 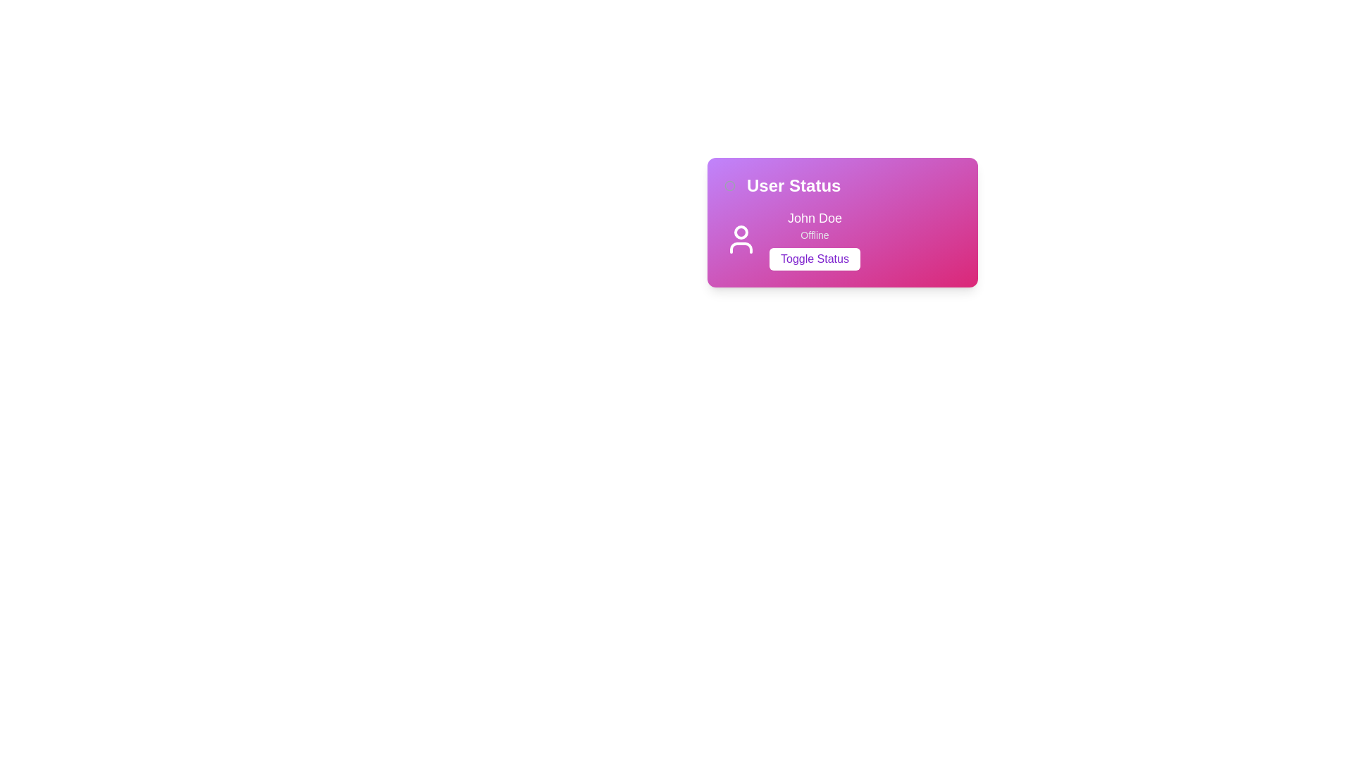 What do you see at coordinates (740, 232) in the screenshot?
I see `the small circular decorative element positioned at the upper center part of the user profile icon within the 'User Status' card` at bounding box center [740, 232].